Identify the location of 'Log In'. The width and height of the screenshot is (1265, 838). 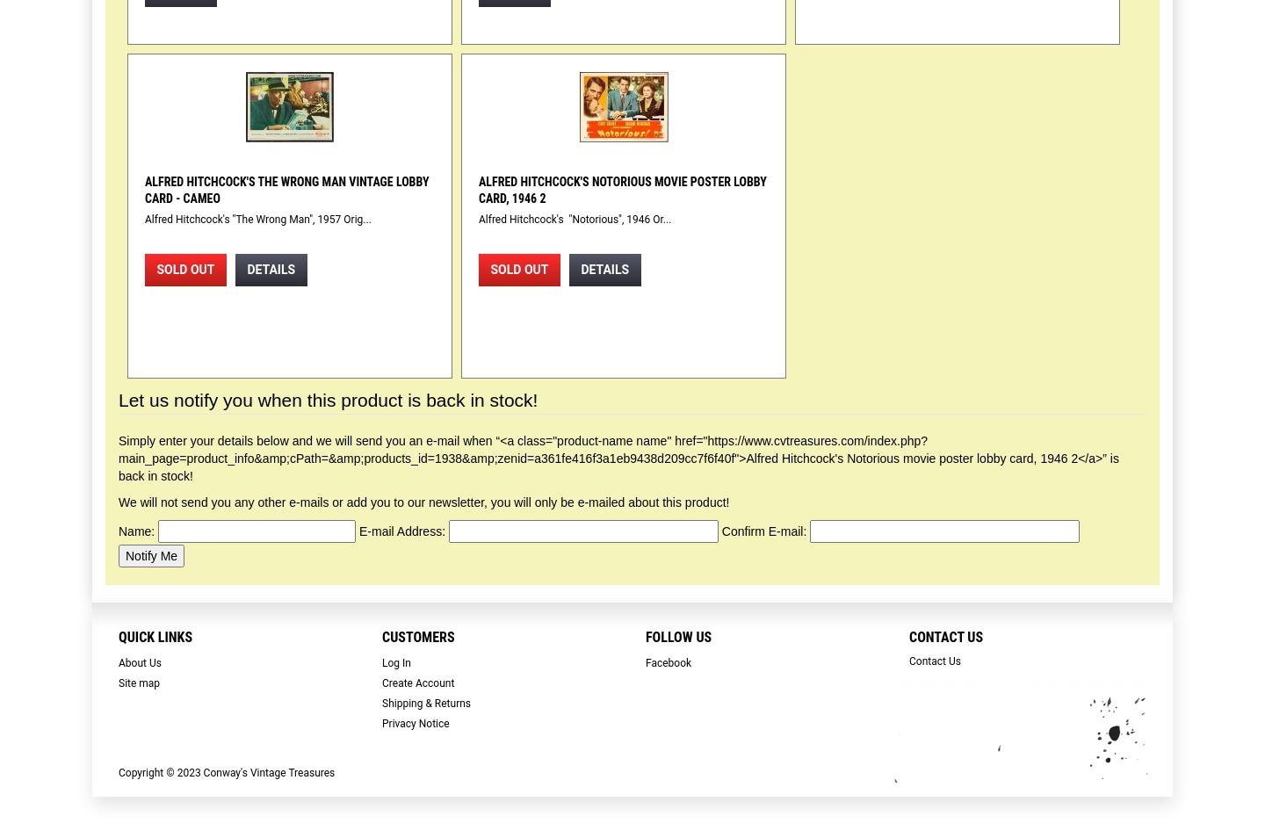
(382, 662).